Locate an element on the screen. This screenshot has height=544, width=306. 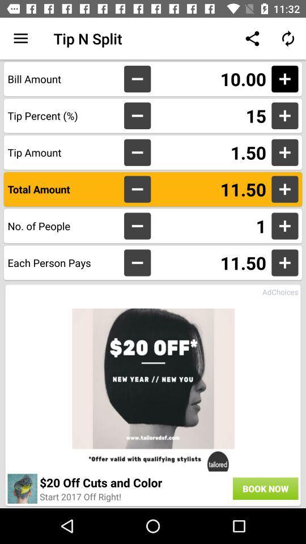
icon to the left of the book now icon is located at coordinates (80, 496).